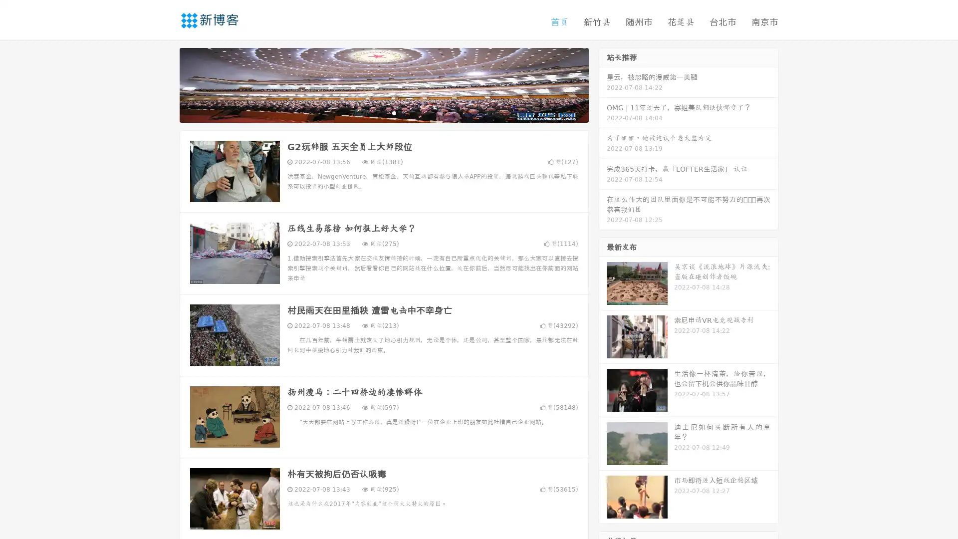 Image resolution: width=958 pixels, height=539 pixels. What do you see at coordinates (373, 112) in the screenshot?
I see `Go to slide 1` at bounding box center [373, 112].